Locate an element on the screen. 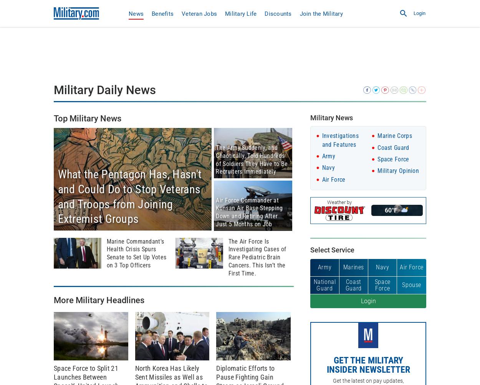  'Investigations and Features' is located at coordinates (321, 140).